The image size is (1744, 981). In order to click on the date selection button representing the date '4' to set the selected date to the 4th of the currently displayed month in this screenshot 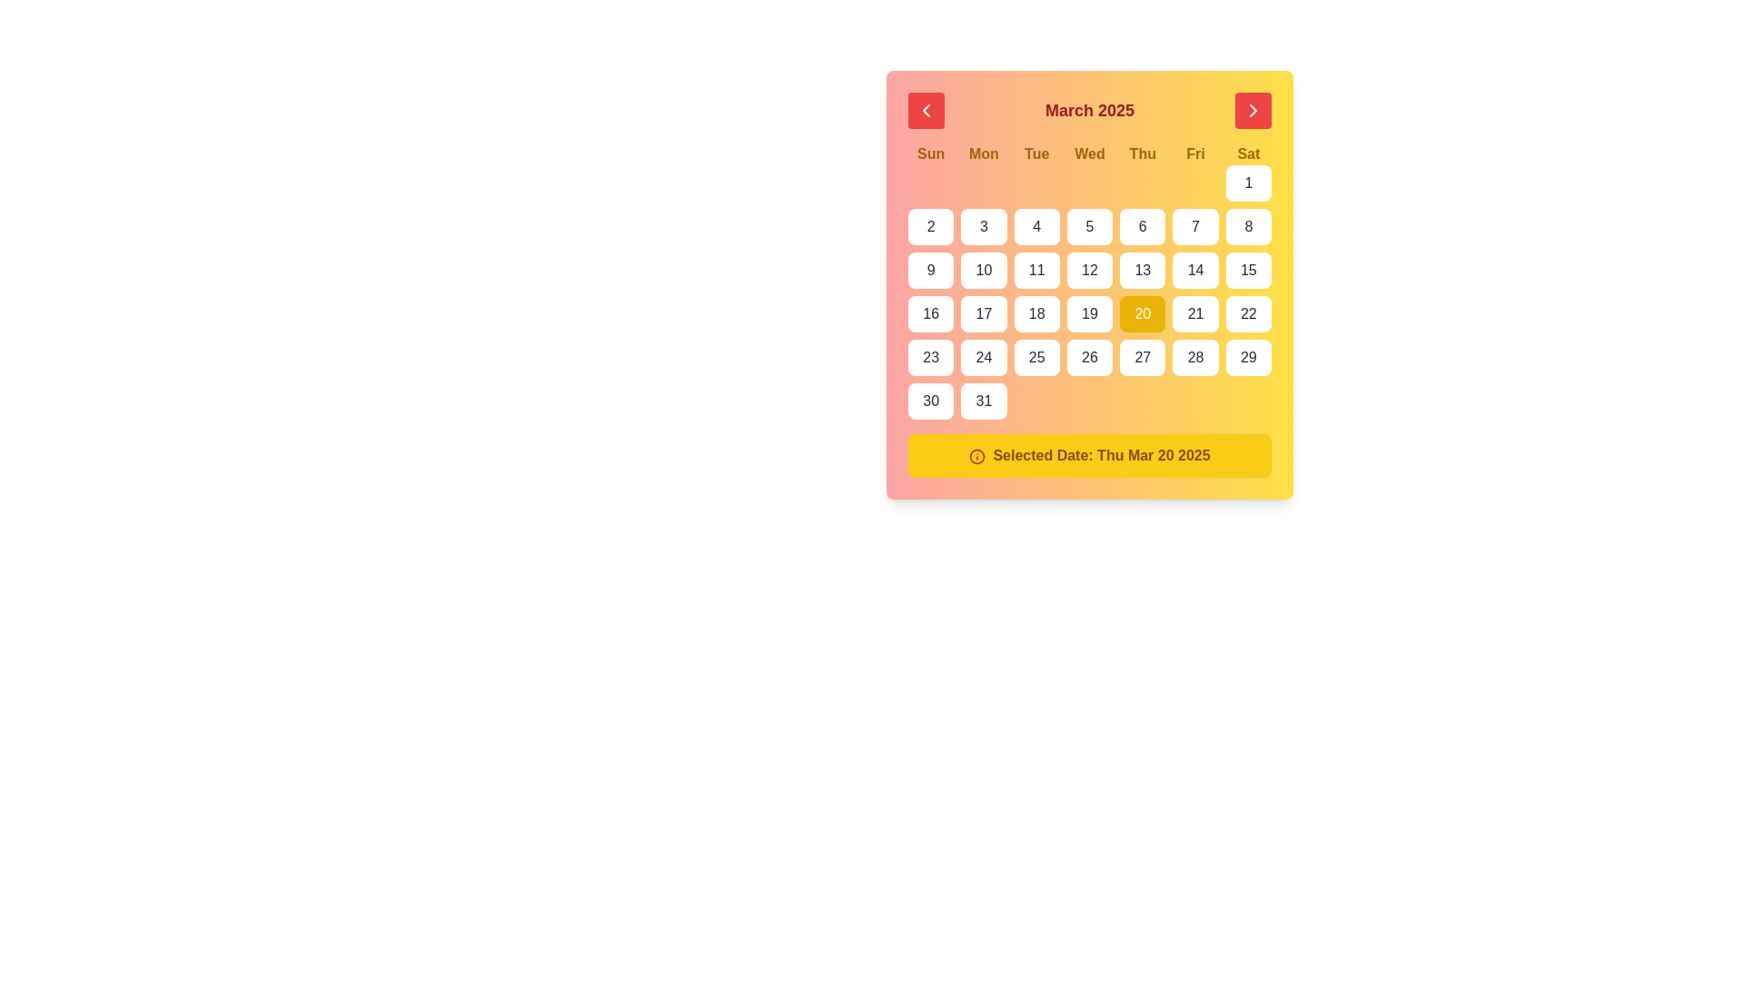, I will do `click(1036, 226)`.